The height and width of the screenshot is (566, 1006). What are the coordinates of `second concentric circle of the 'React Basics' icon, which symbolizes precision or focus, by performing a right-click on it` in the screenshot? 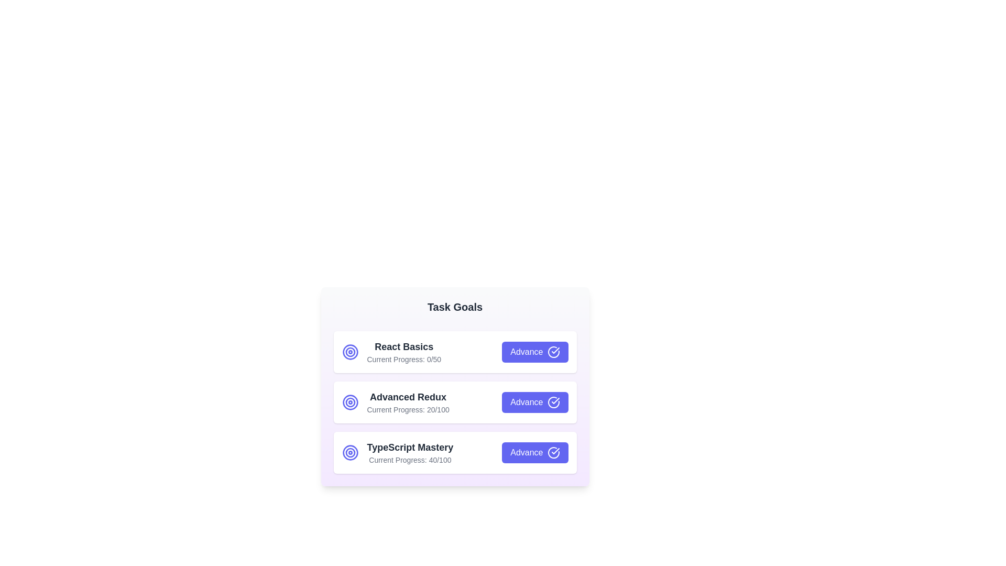 It's located at (350, 452).